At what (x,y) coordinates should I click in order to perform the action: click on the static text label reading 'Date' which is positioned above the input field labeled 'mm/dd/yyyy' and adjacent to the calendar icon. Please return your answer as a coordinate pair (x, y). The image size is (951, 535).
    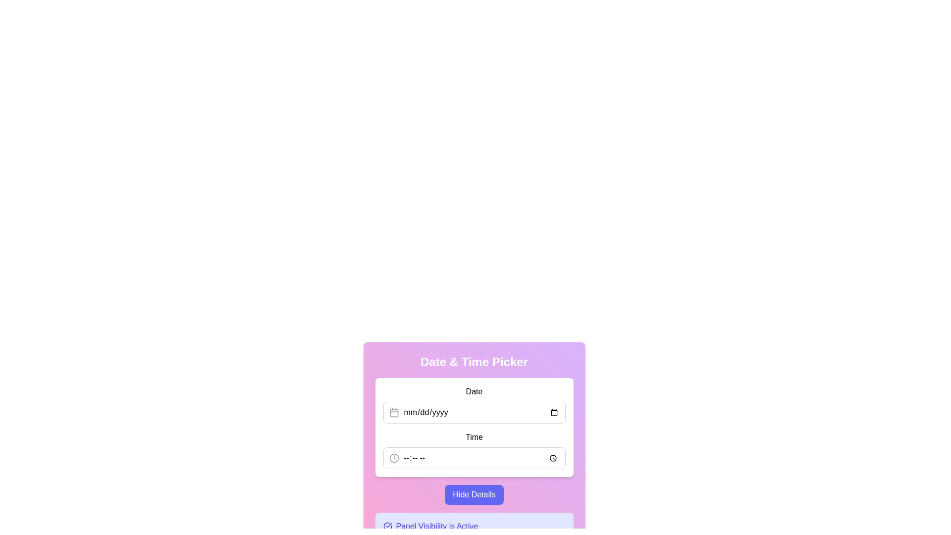
    Looking at the image, I should click on (474, 391).